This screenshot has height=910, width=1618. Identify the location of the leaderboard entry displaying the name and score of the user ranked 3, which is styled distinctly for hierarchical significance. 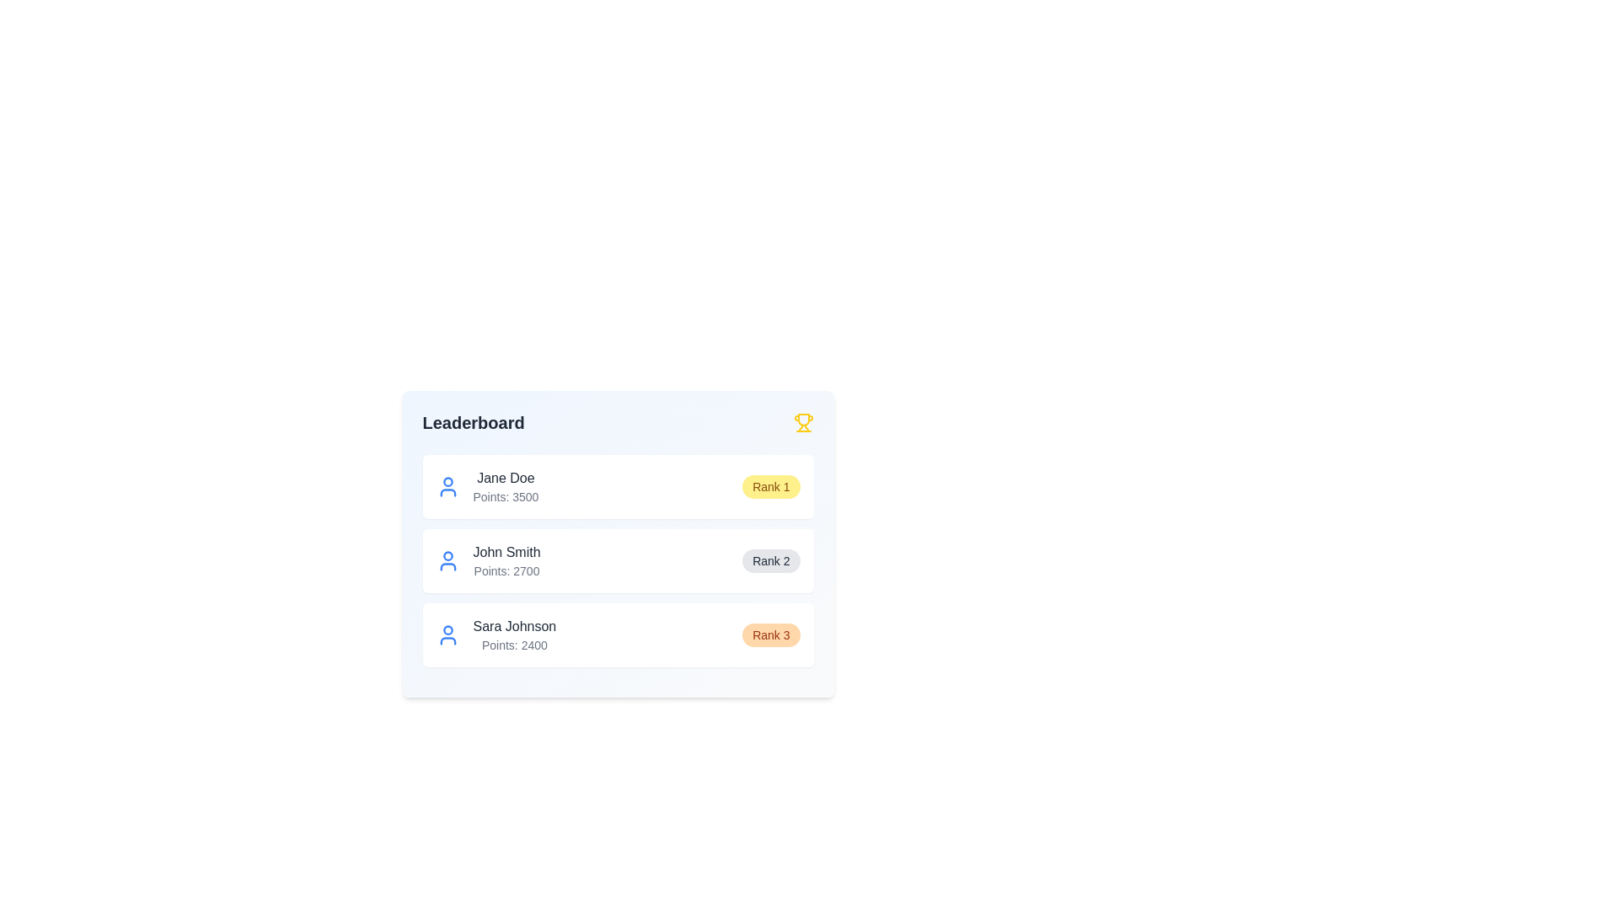
(513, 634).